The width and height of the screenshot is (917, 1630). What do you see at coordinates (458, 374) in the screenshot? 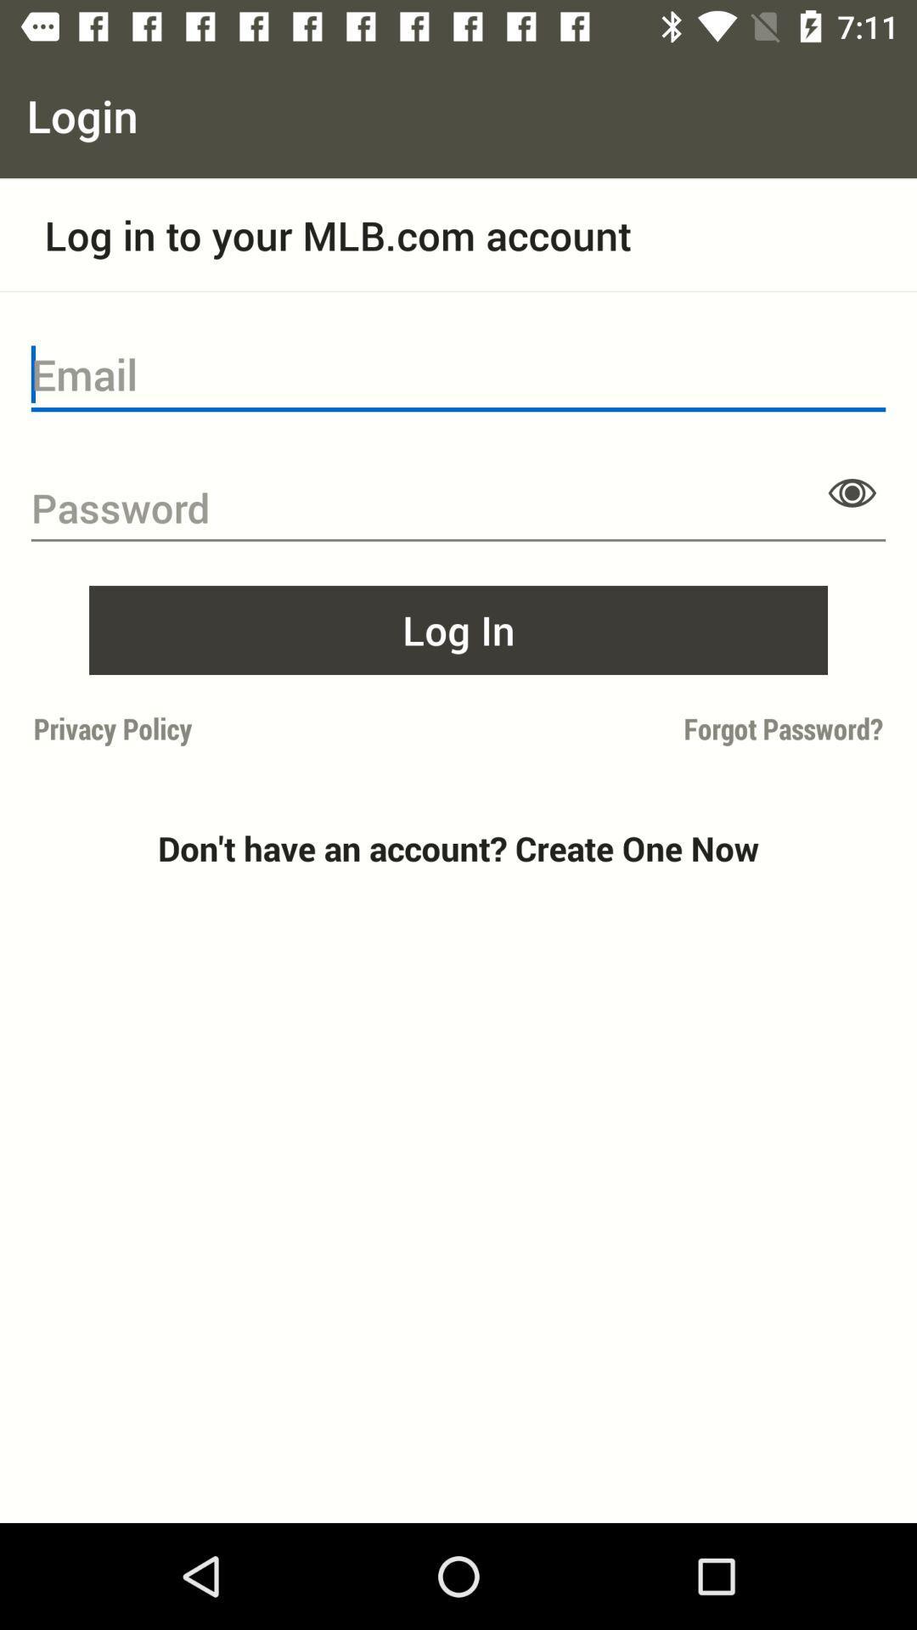
I see `email input` at bounding box center [458, 374].